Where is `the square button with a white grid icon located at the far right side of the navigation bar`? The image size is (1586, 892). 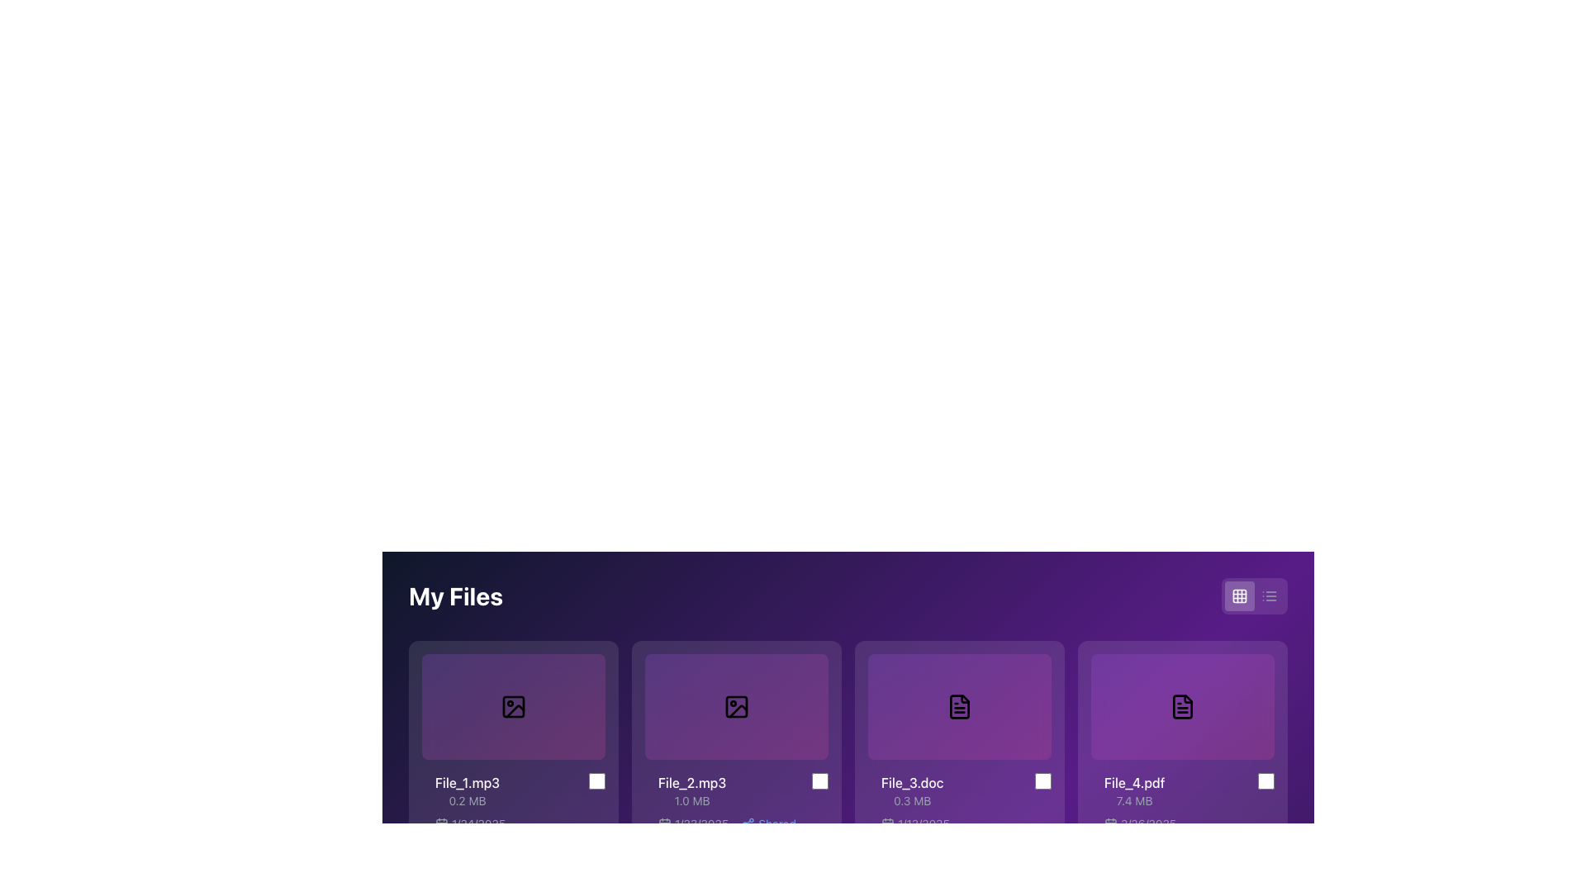
the square button with a white grid icon located at the far right side of the navigation bar is located at coordinates (1240, 595).